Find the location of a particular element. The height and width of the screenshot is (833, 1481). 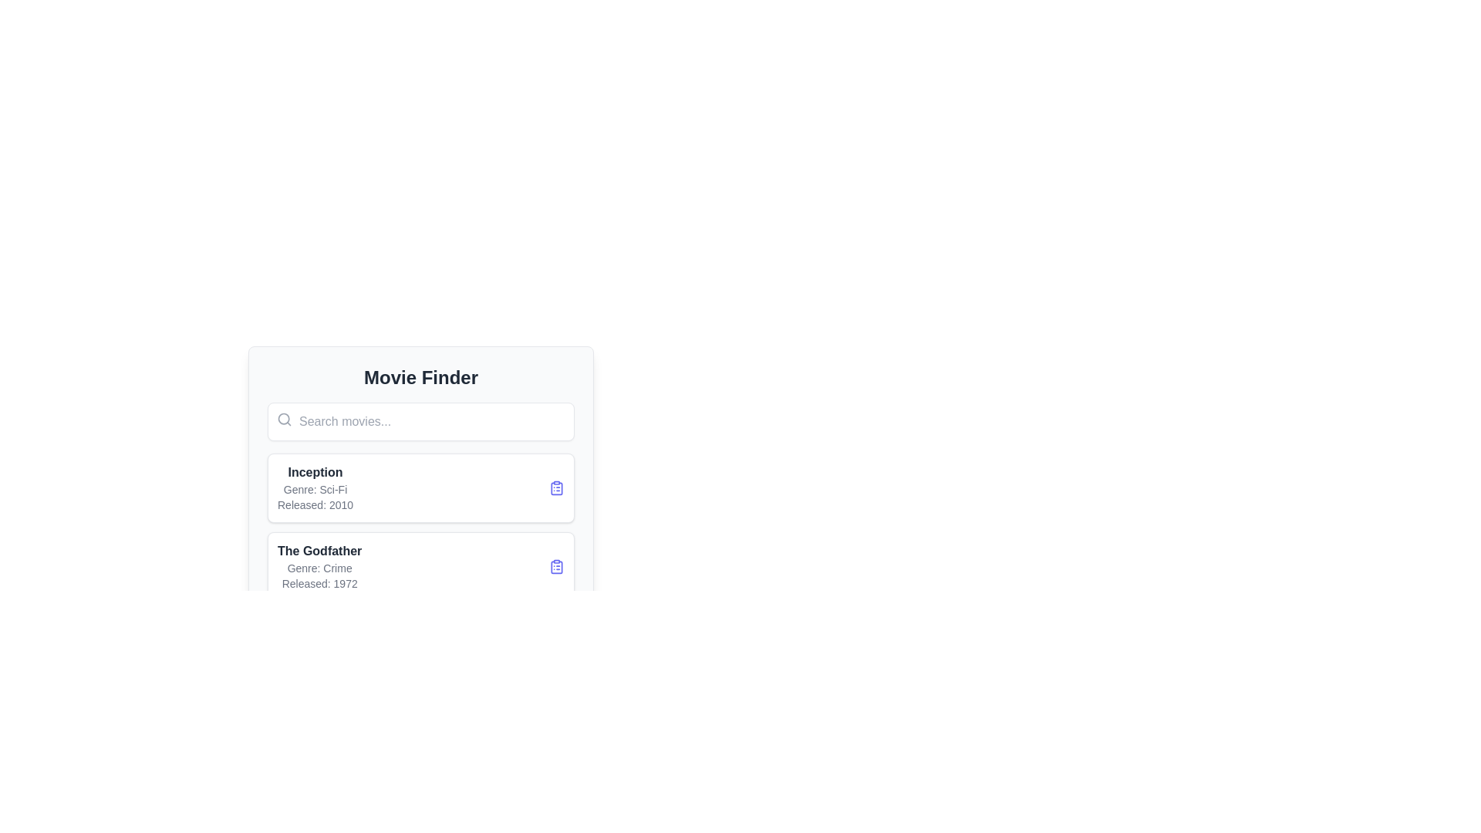

the magnifying glass icon located in the upper left corner of the search input box that indicates the presence of a search feature is located at coordinates (285, 419).